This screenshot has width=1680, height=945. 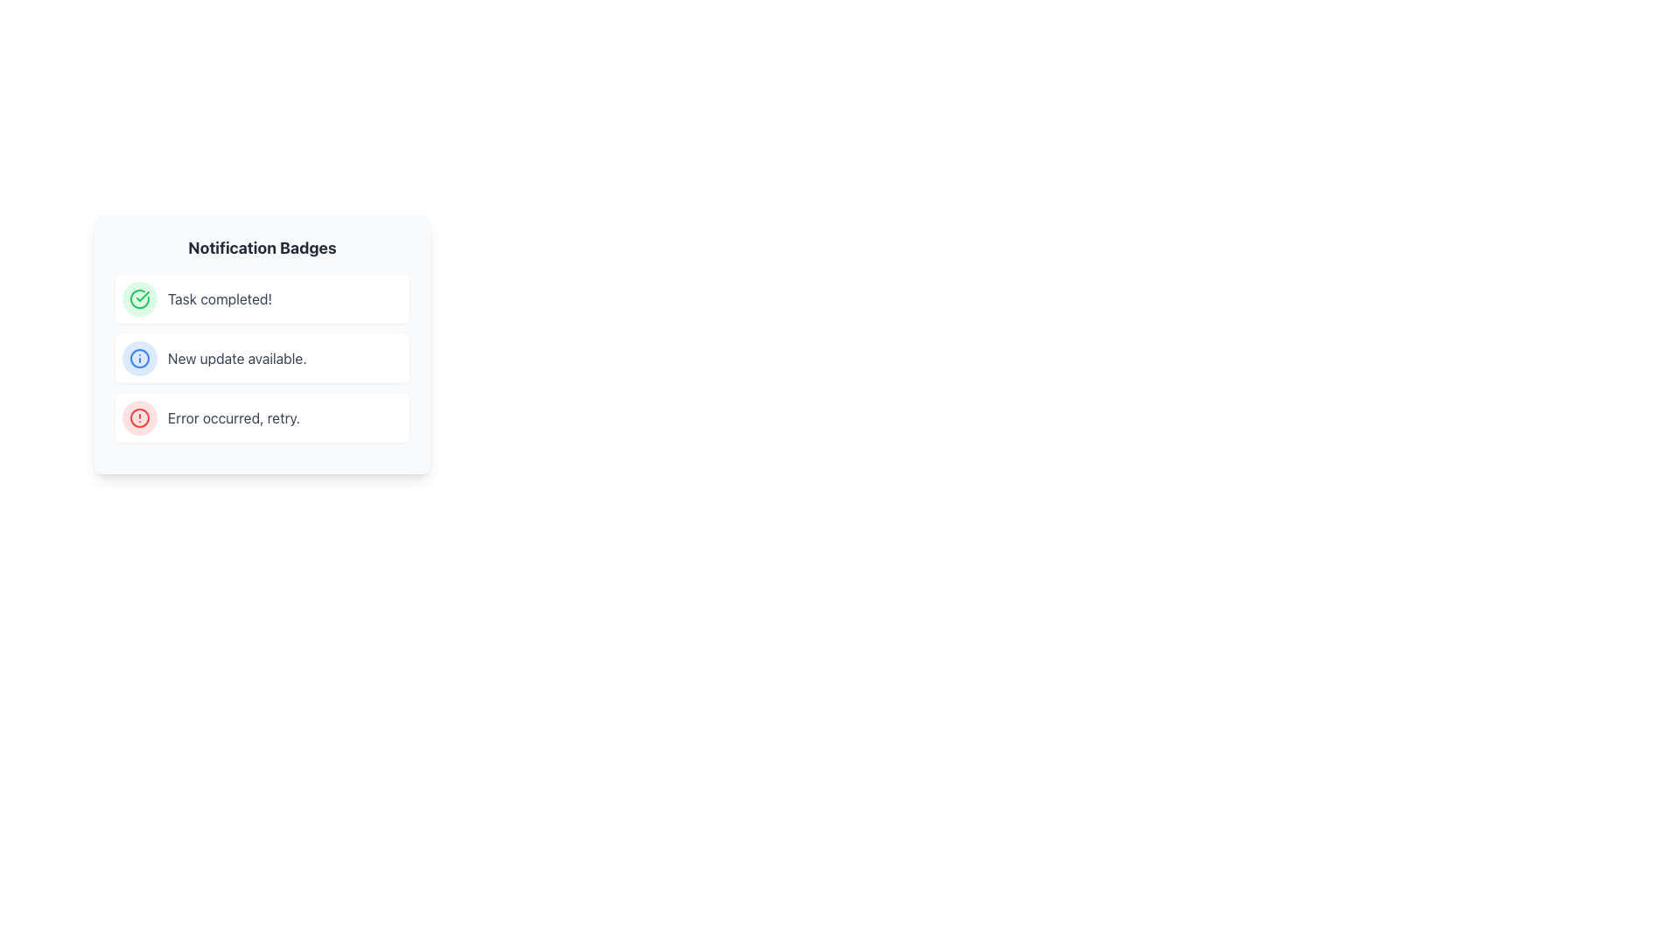 What do you see at coordinates (219, 298) in the screenshot?
I see `the Text label that indicates a successfully completed task, located on the right side of a checkmark icon in a green circular background, within a notification badge in the first row of a list` at bounding box center [219, 298].